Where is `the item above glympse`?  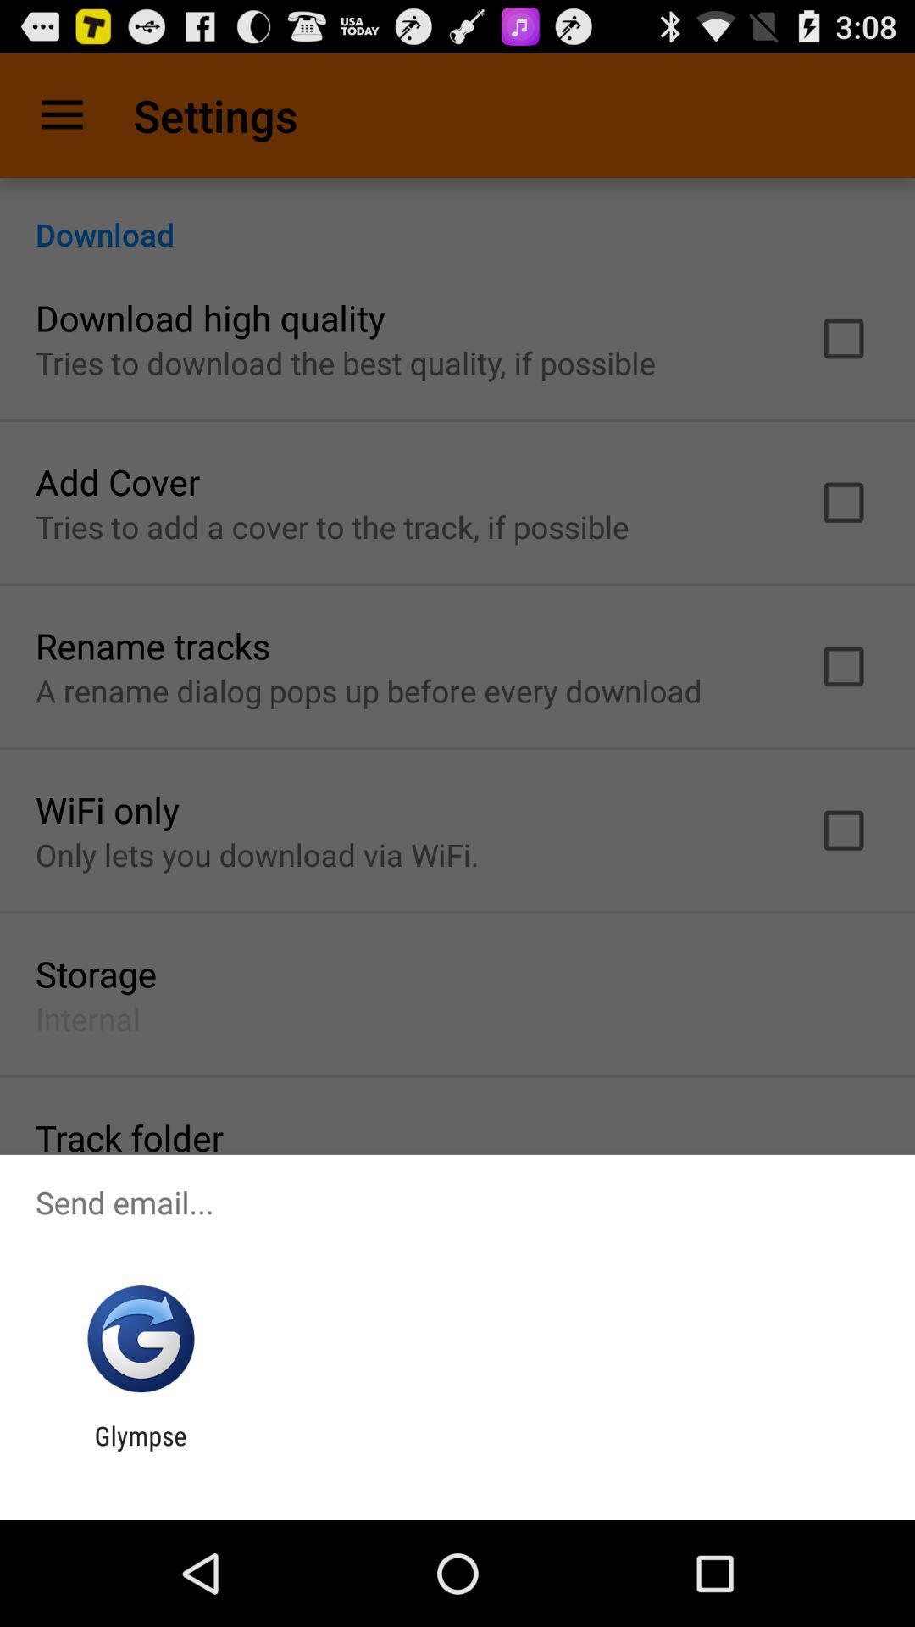 the item above glympse is located at coordinates (140, 1338).